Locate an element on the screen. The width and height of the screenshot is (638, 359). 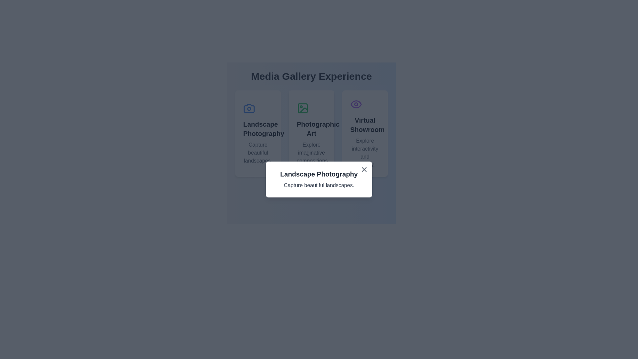
the green icon representing 'Photographic Art', which is positioned above the subtitle 'Explore imaginative compositions' is located at coordinates (302, 108).